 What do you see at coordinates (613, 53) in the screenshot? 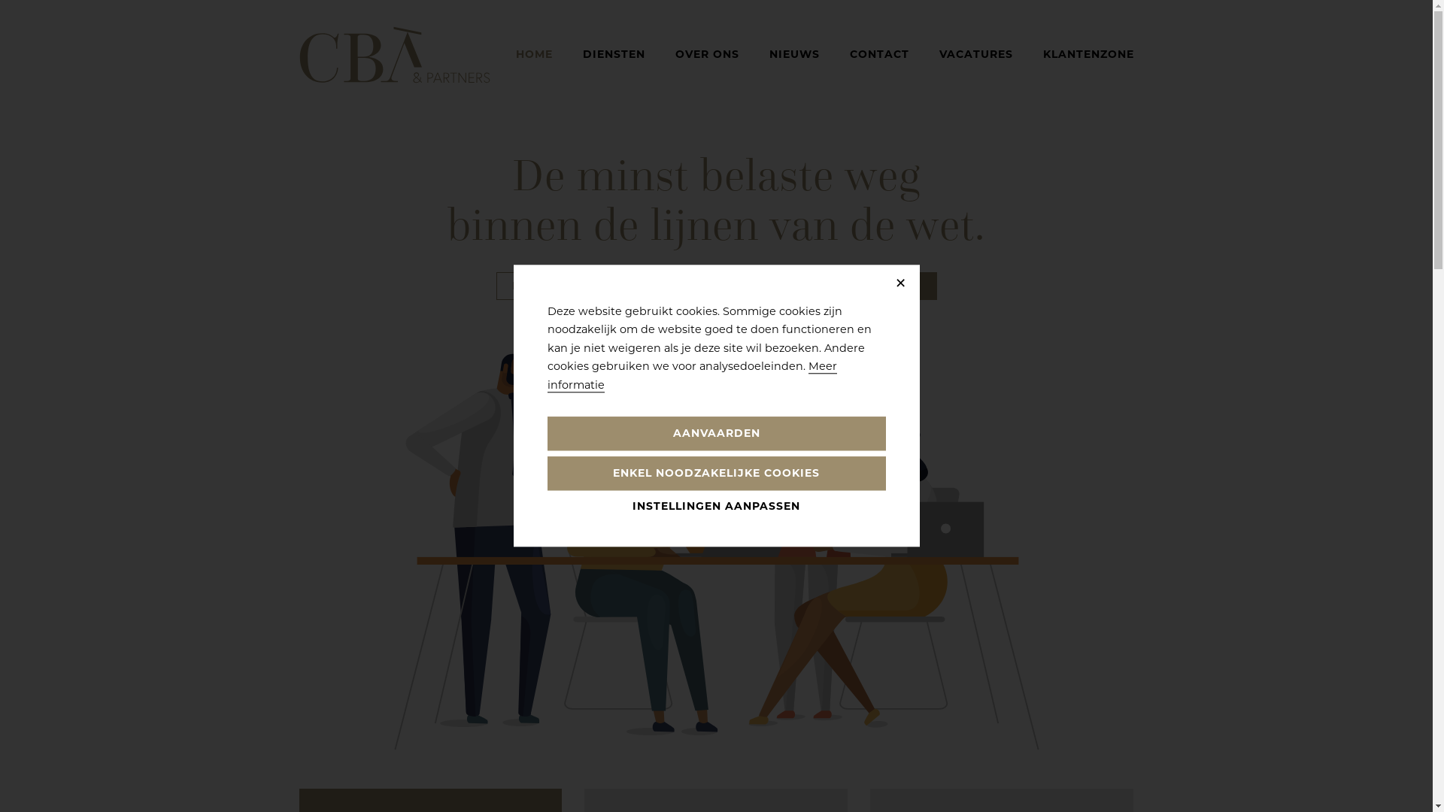
I see `'DIENSTEN'` at bounding box center [613, 53].